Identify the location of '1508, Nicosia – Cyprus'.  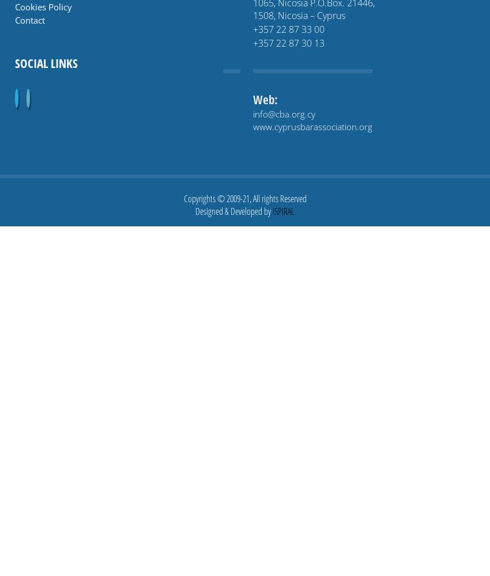
(252, 16).